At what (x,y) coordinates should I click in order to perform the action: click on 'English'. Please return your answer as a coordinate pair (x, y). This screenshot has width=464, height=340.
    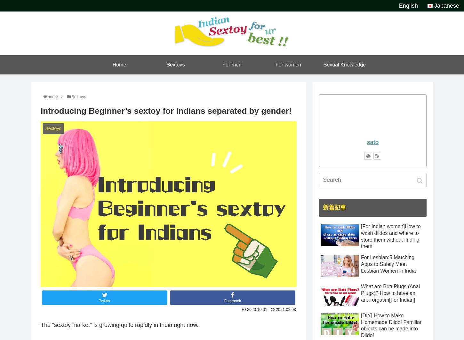
    Looking at the image, I should click on (408, 5).